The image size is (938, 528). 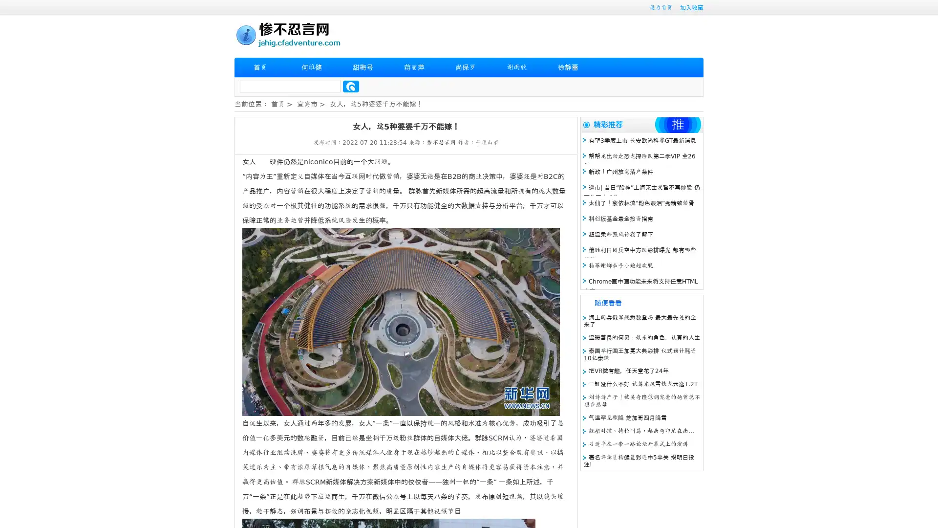 I want to click on Search, so click(x=351, y=86).